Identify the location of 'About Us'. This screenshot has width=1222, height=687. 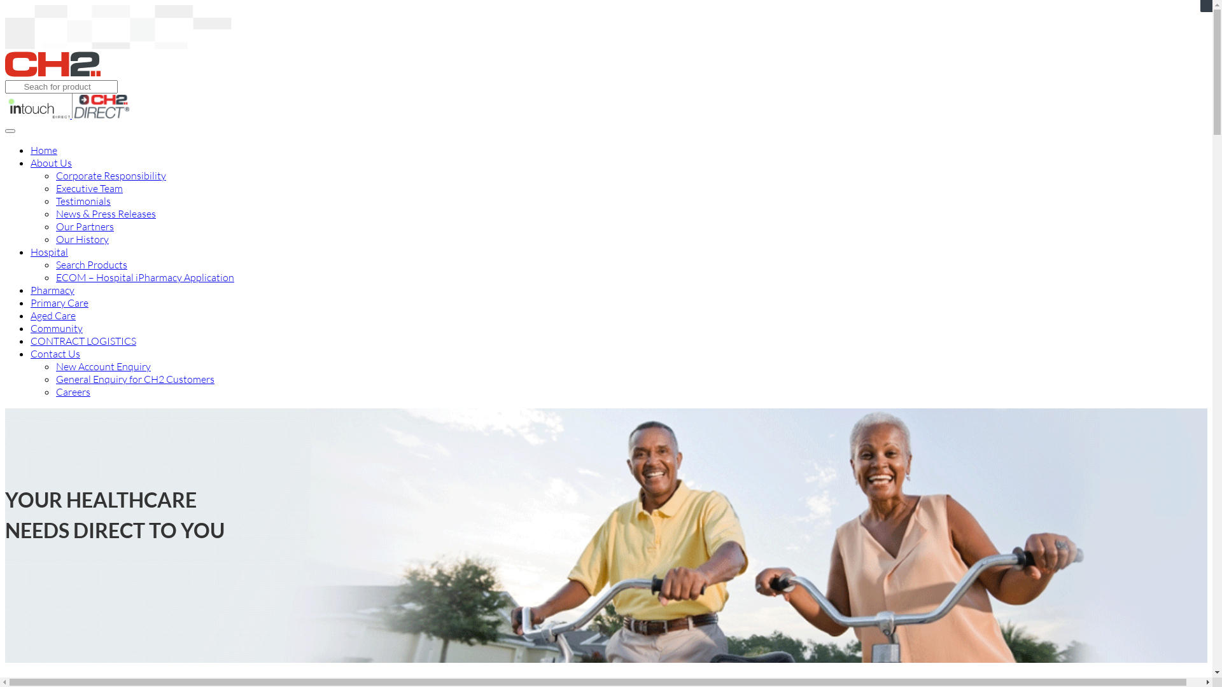
(51, 162).